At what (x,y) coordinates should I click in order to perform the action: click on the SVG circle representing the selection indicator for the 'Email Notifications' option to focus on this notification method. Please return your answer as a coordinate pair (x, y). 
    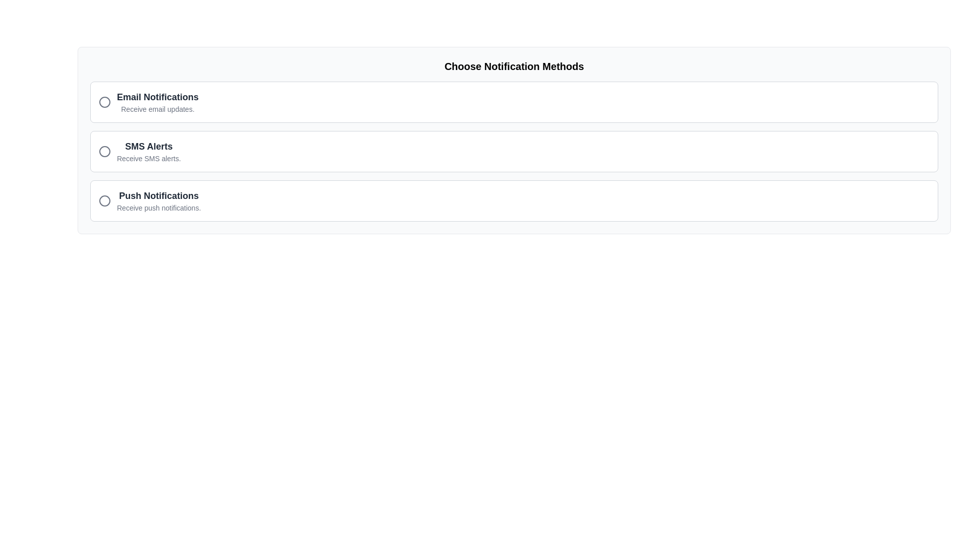
    Looking at the image, I should click on (104, 102).